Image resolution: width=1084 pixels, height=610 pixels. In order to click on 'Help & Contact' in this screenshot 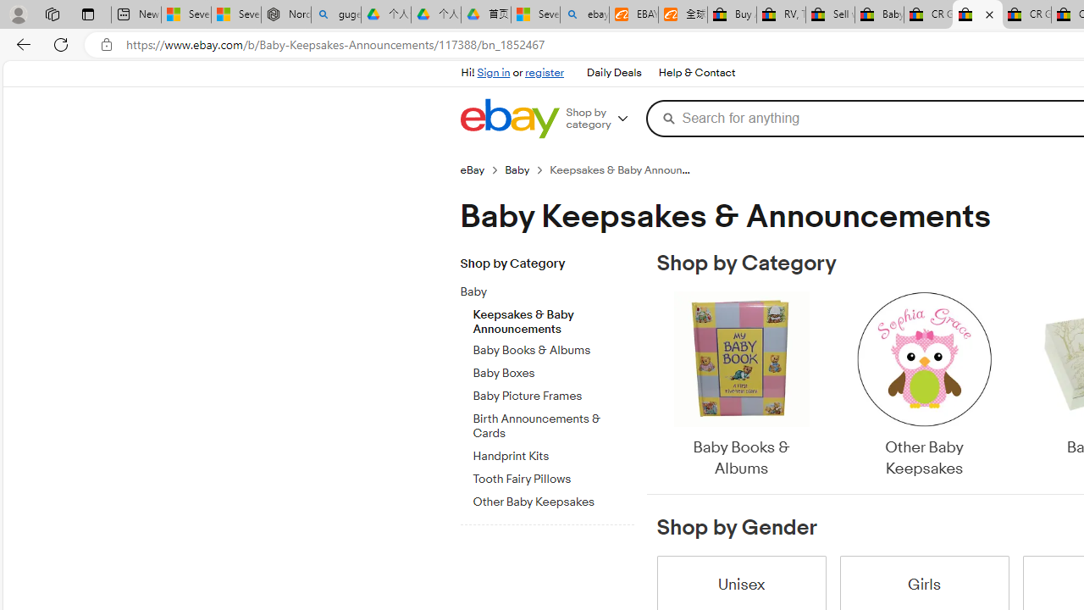, I will do `click(697, 73)`.